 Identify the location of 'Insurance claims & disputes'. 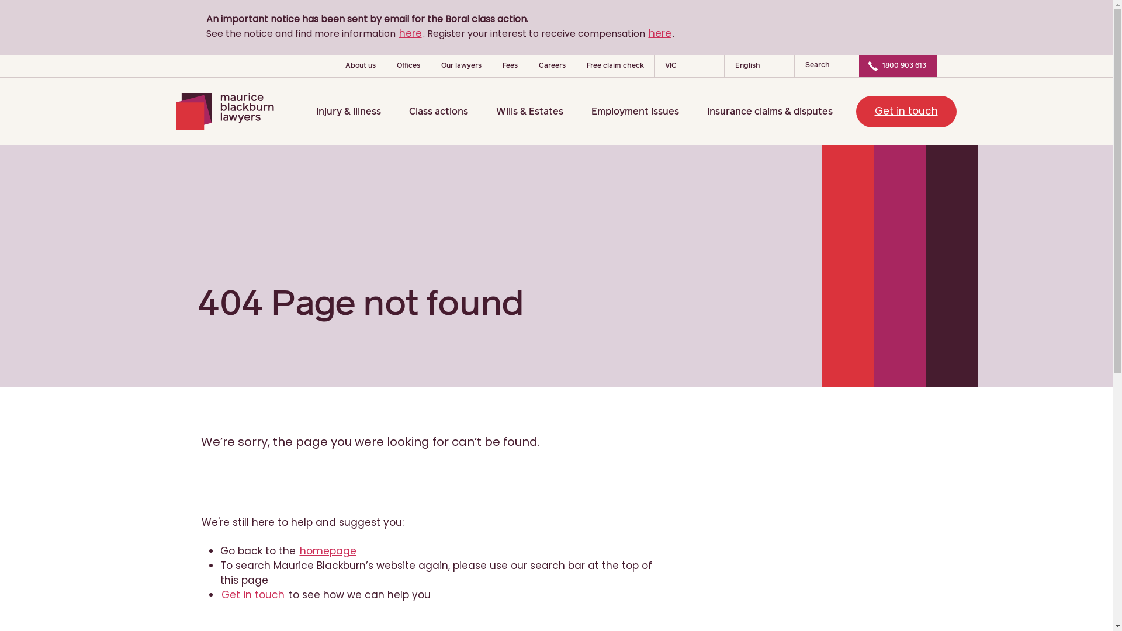
(779, 112).